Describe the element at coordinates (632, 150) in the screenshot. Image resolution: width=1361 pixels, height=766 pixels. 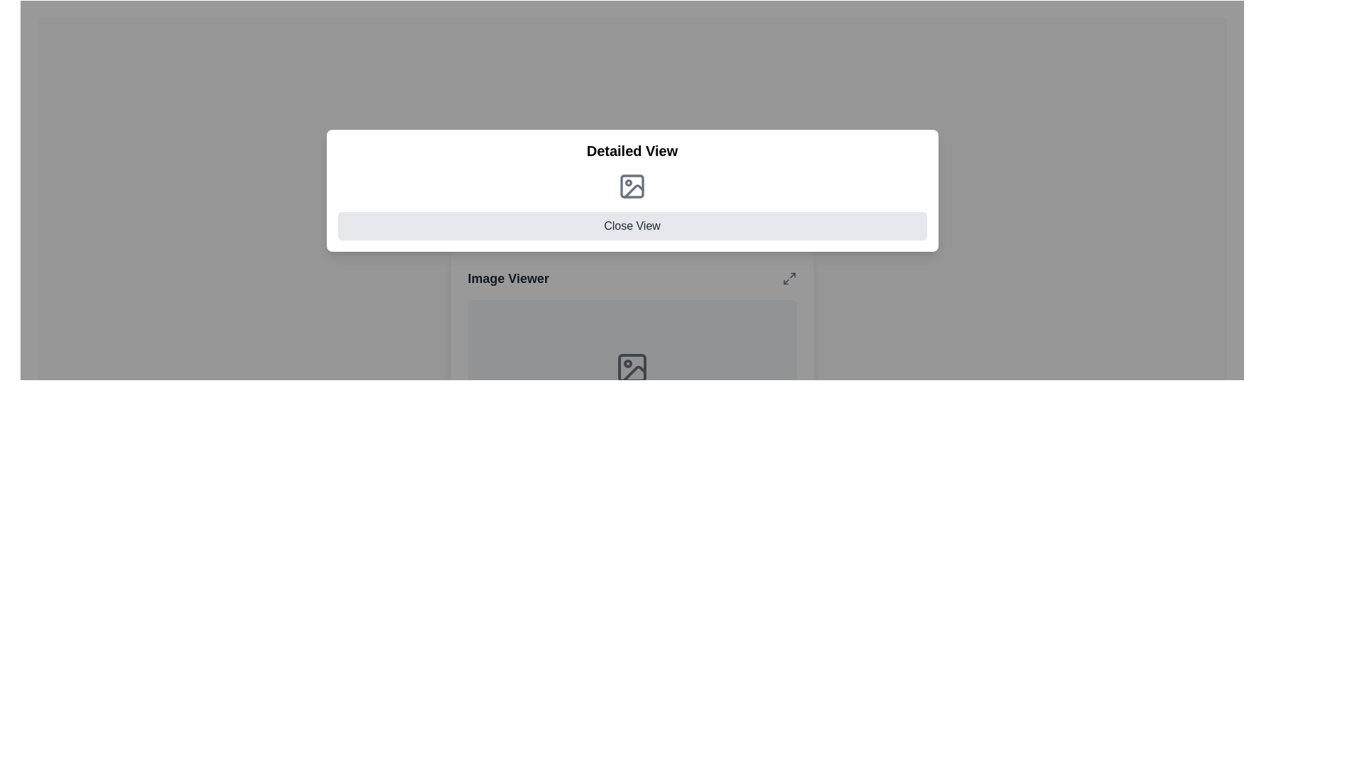
I see `text from the Text Label at the top section of the modal, which serves as the title indicating the detailed contents below` at that location.